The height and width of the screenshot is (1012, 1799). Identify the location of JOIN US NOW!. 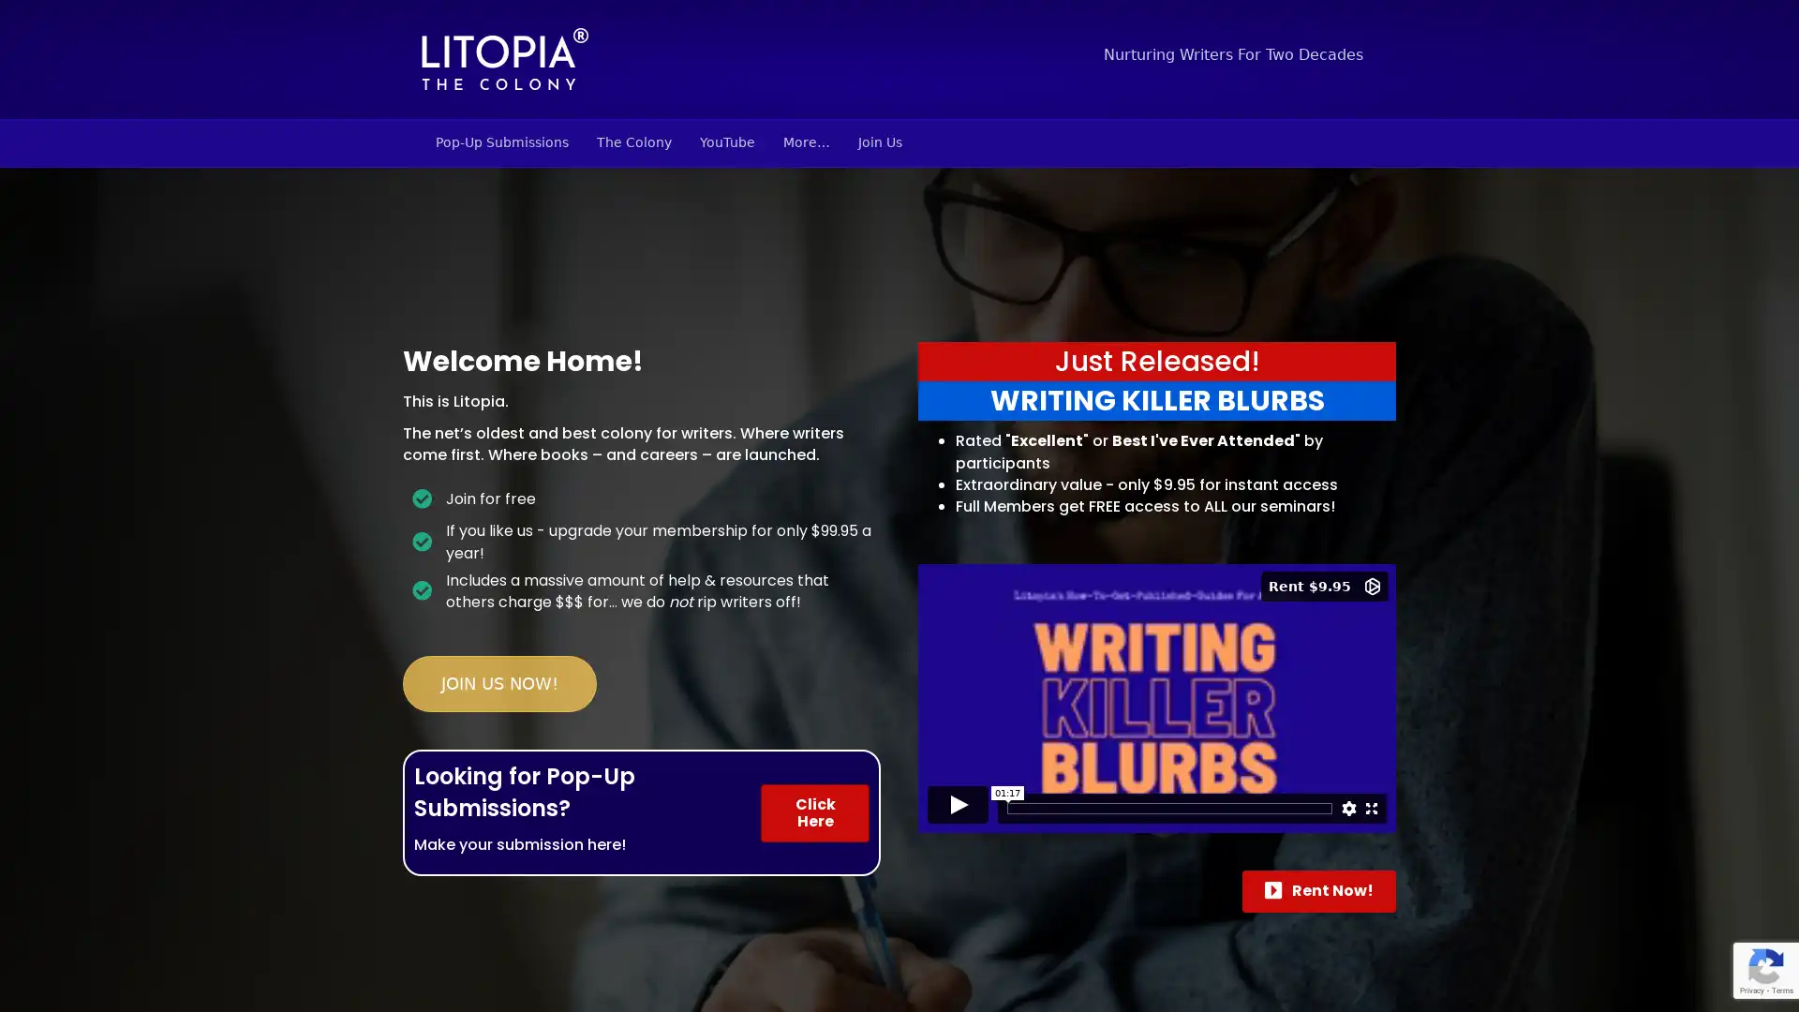
(499, 683).